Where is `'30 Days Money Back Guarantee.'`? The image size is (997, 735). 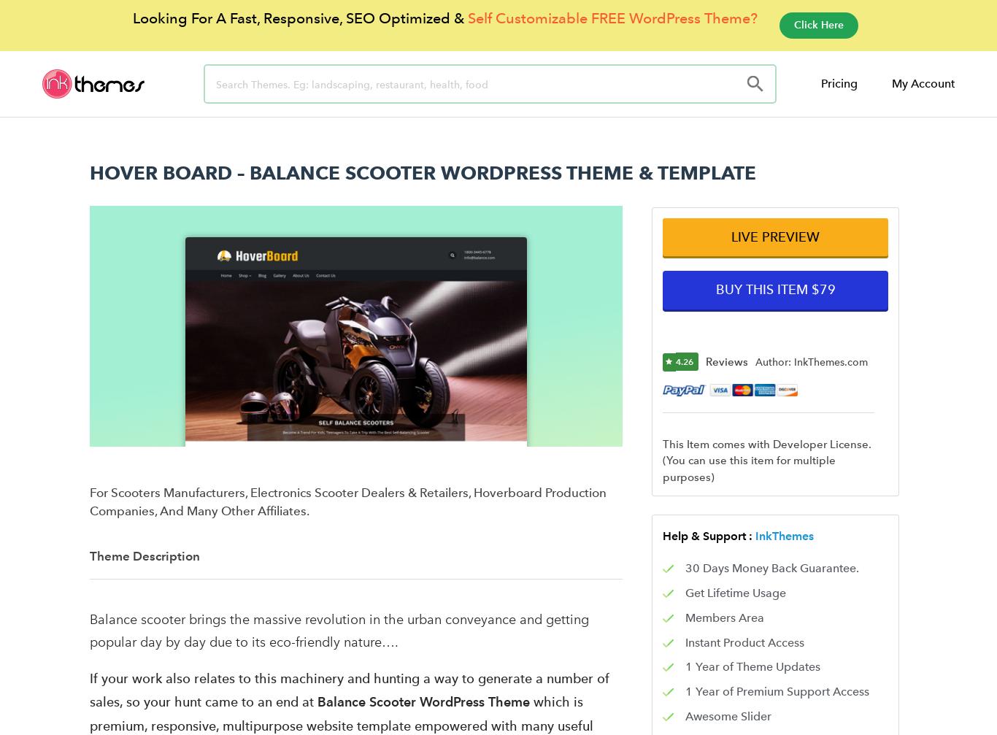
'30 Days Money Back Guarantee.' is located at coordinates (685, 567).